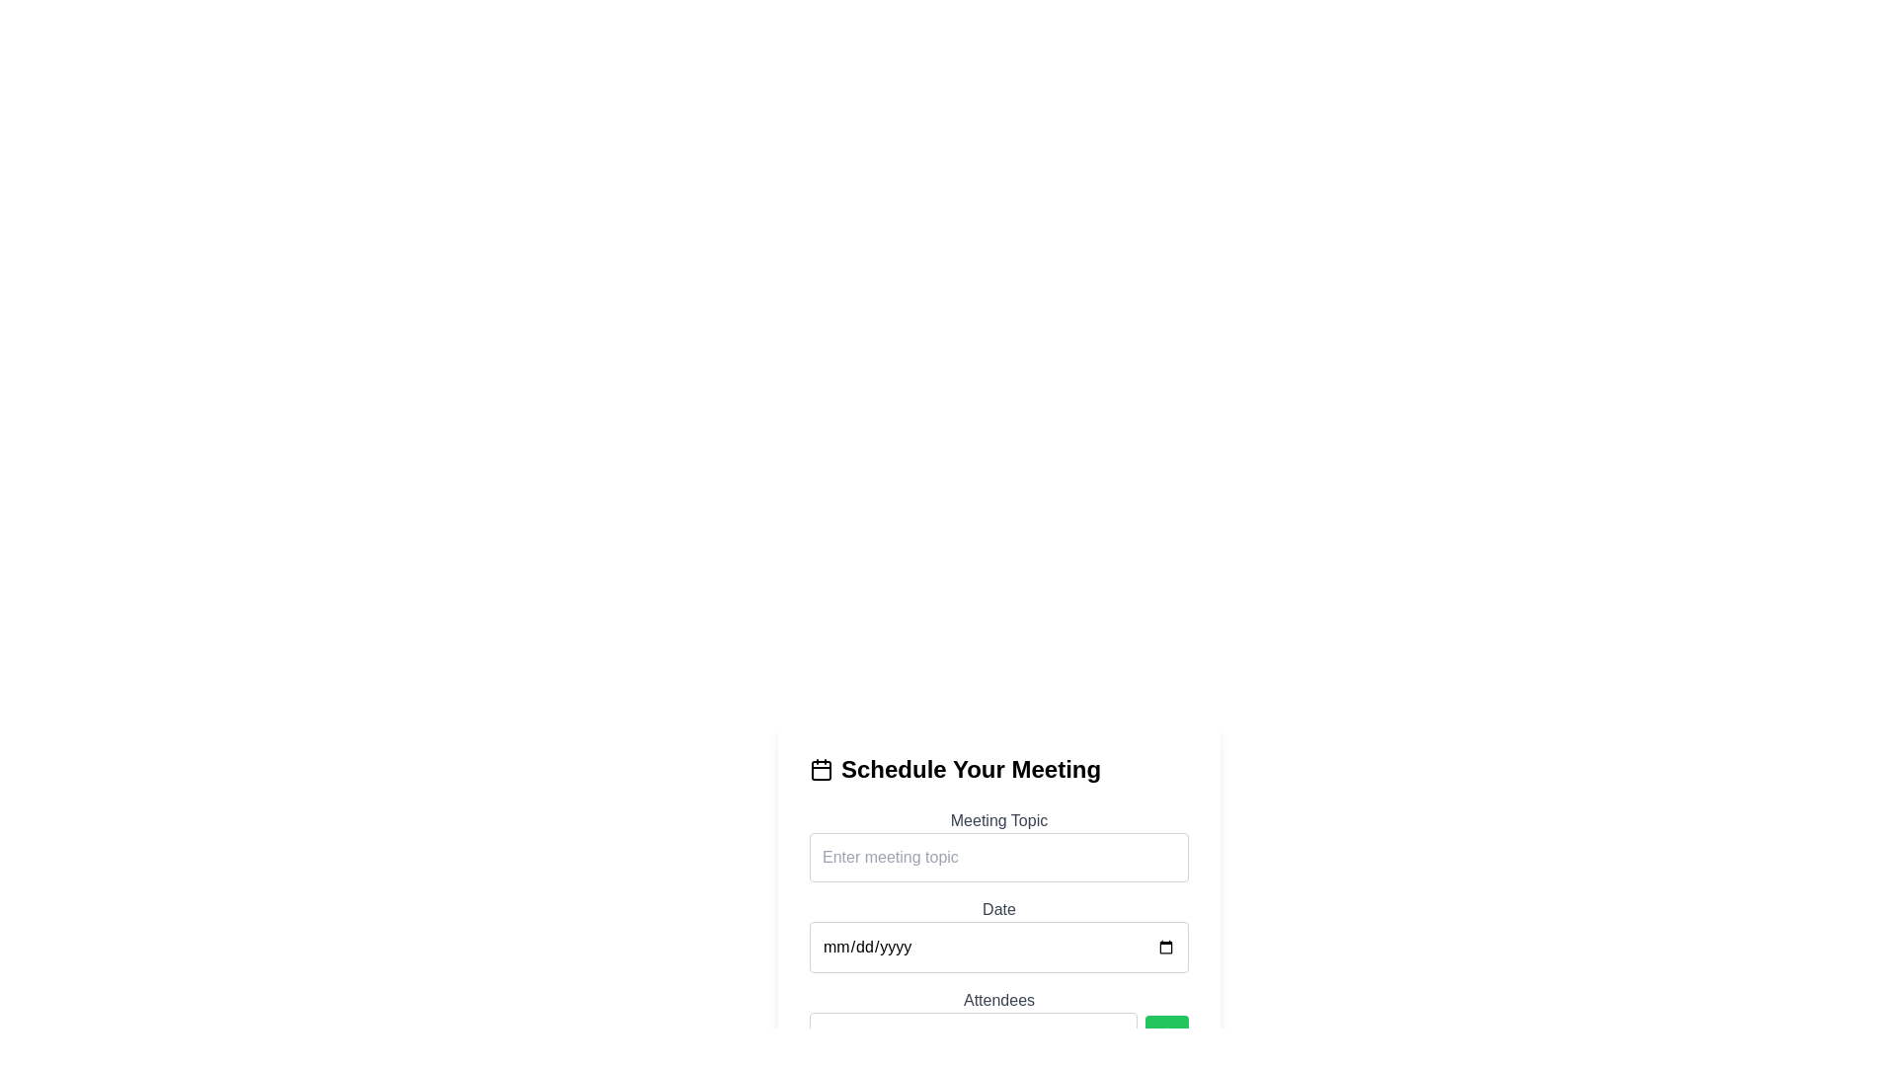 This screenshot has height=1066, width=1896. Describe the element at coordinates (999, 821) in the screenshot. I see `the text label that reads 'Meeting Topic', which is styled in gray and positioned above the input field for entering the meeting topic` at that location.